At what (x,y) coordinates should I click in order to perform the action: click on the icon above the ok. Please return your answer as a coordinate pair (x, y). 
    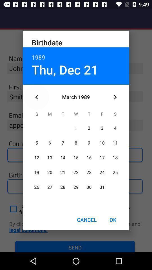
    Looking at the image, I should click on (115, 97).